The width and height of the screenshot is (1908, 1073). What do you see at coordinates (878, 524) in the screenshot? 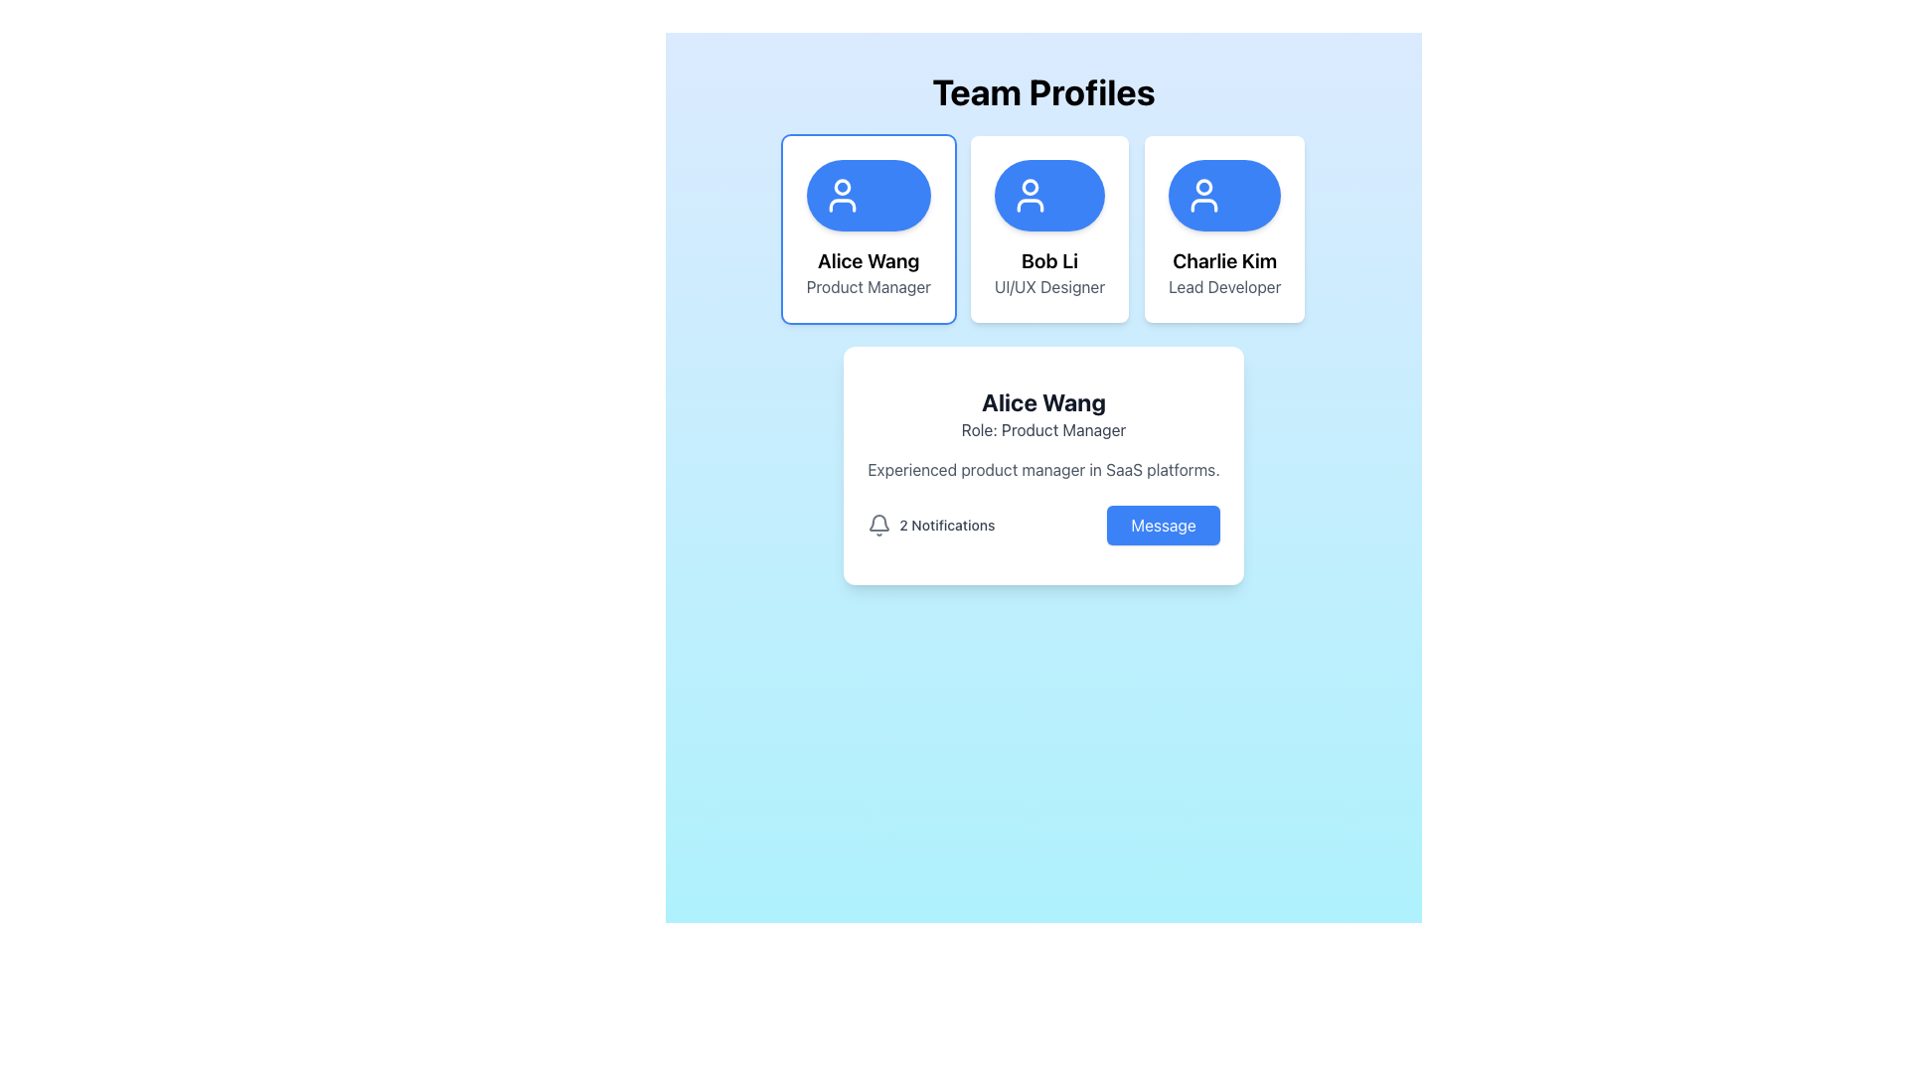
I see `the bell icon representing notifications for 'Alice Wang', which is located in the lower-left region of the information card` at bounding box center [878, 524].